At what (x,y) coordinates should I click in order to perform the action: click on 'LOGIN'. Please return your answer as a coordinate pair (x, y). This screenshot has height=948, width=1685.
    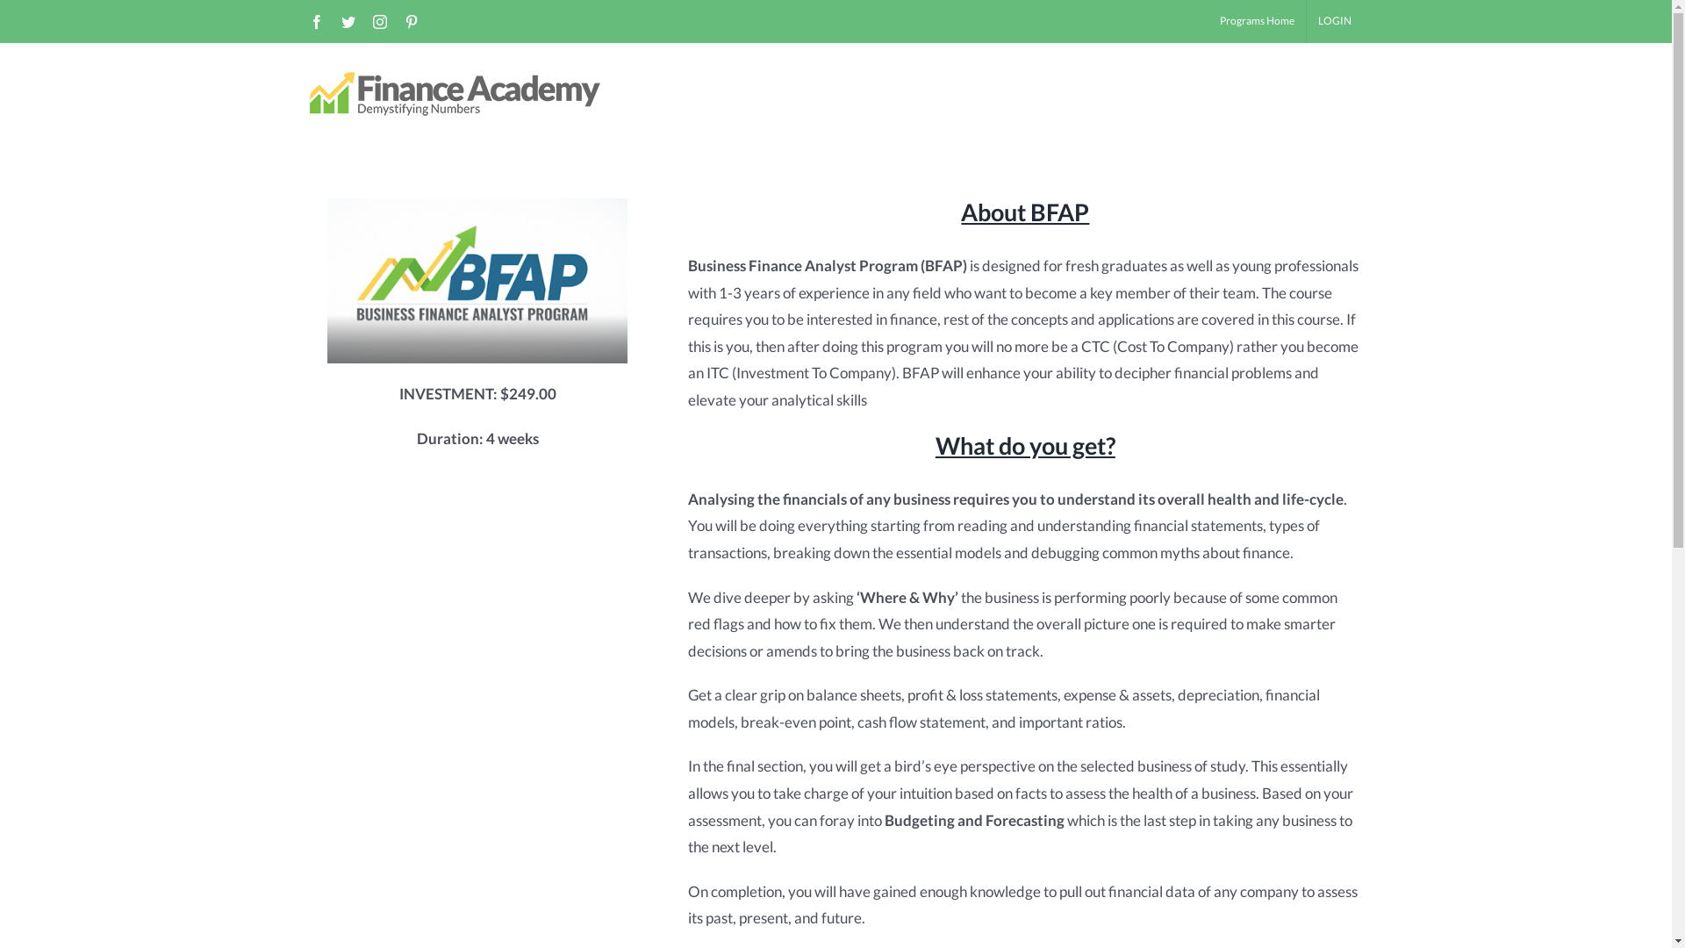
    Looking at the image, I should click on (1334, 20).